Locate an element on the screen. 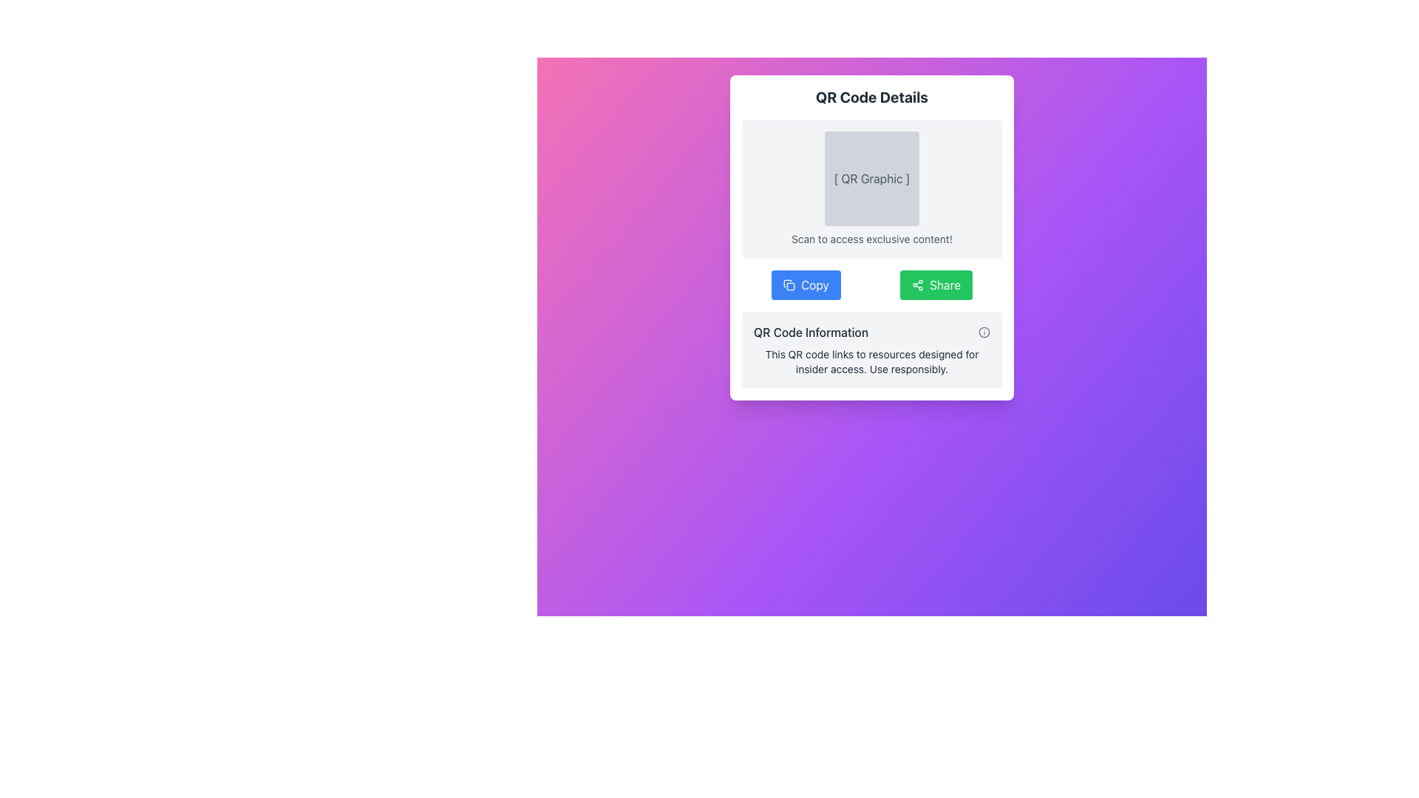  the informational text block located at the bottom of the 'QR Code Information' section, which provides additional information about the QR code displayed above is located at coordinates (872, 361).